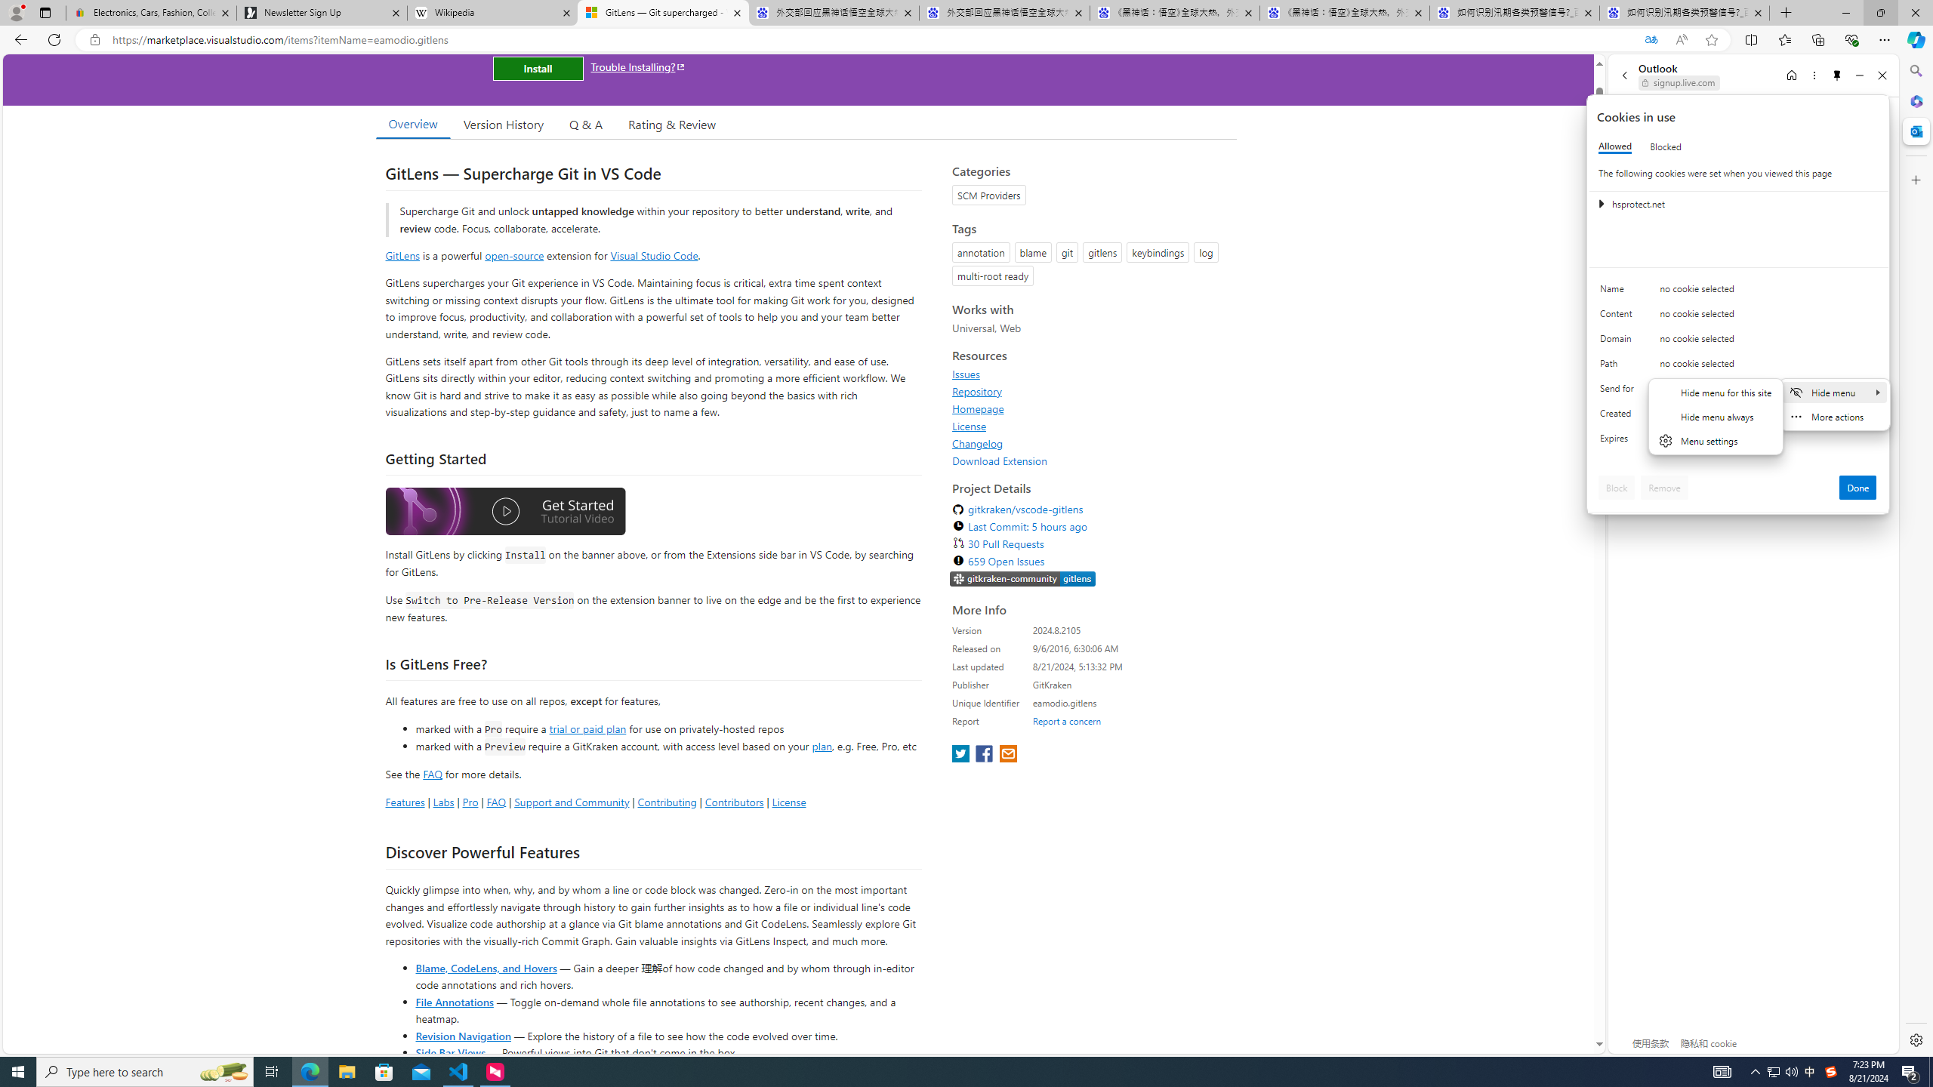  What do you see at coordinates (1858, 488) in the screenshot?
I see `'Done'` at bounding box center [1858, 488].